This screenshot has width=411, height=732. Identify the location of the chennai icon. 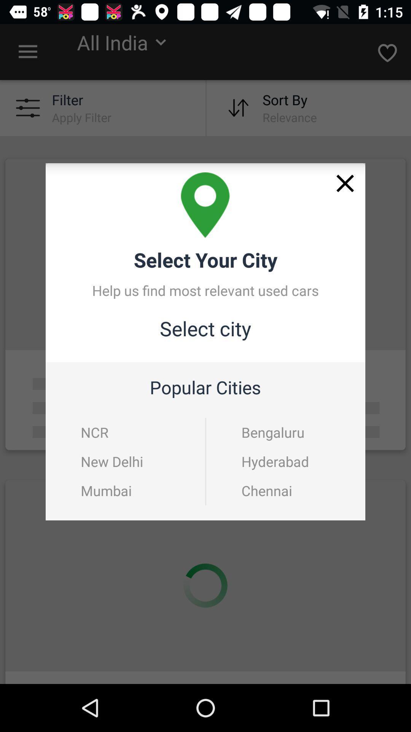
(286, 490).